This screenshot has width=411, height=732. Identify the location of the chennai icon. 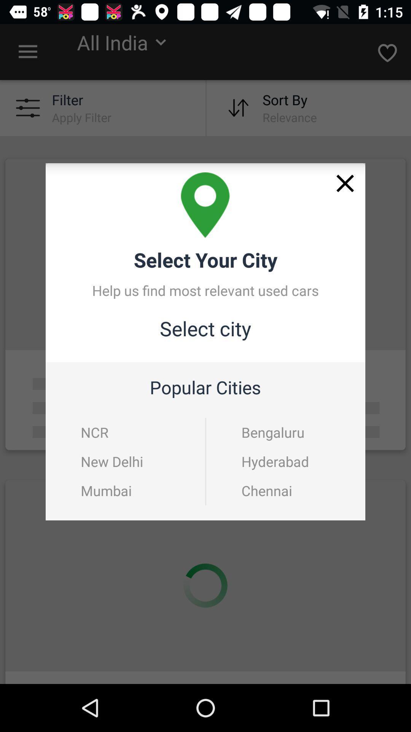
(286, 490).